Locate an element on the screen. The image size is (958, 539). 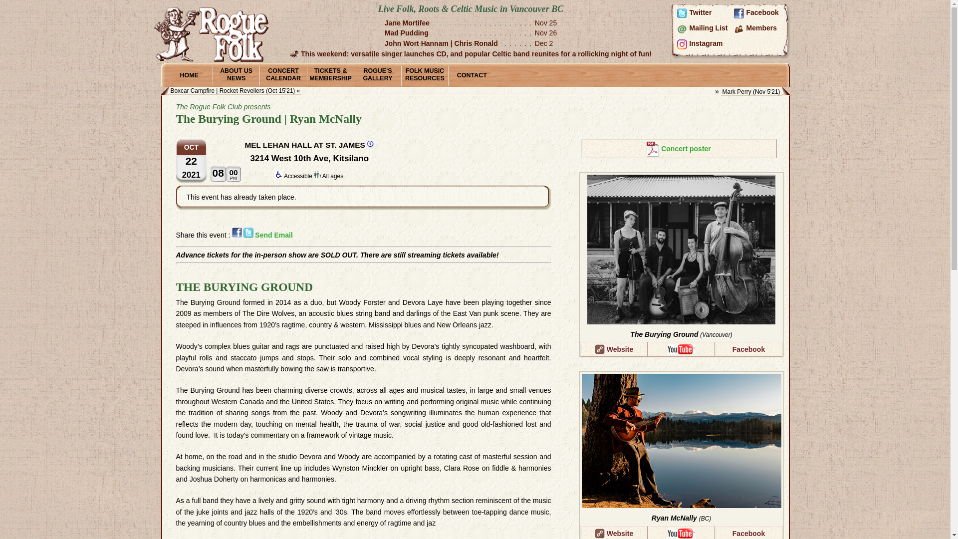
'Send Email' is located at coordinates (273, 235).